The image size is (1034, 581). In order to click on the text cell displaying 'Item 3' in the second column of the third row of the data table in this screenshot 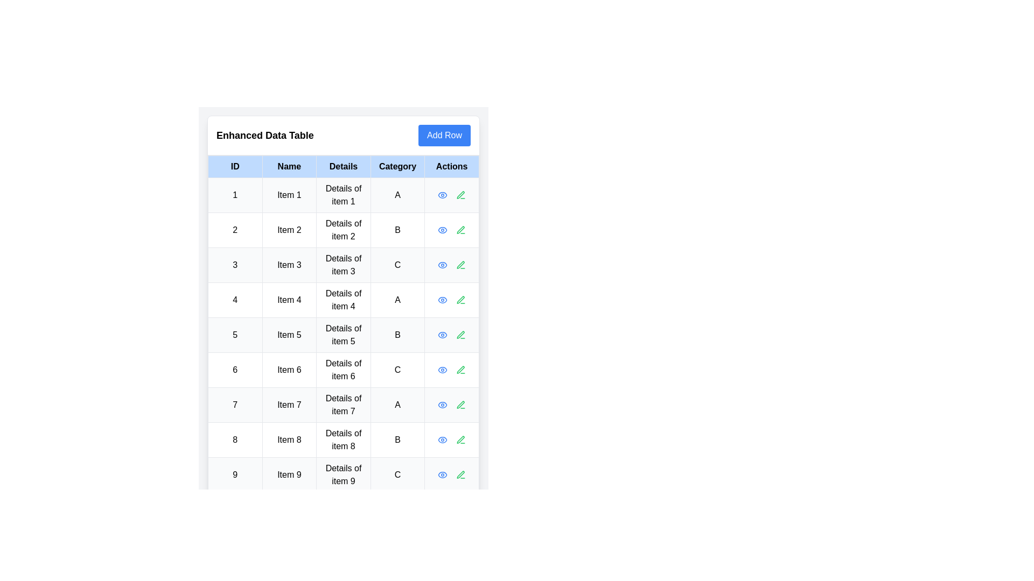, I will do `click(289, 265)`.